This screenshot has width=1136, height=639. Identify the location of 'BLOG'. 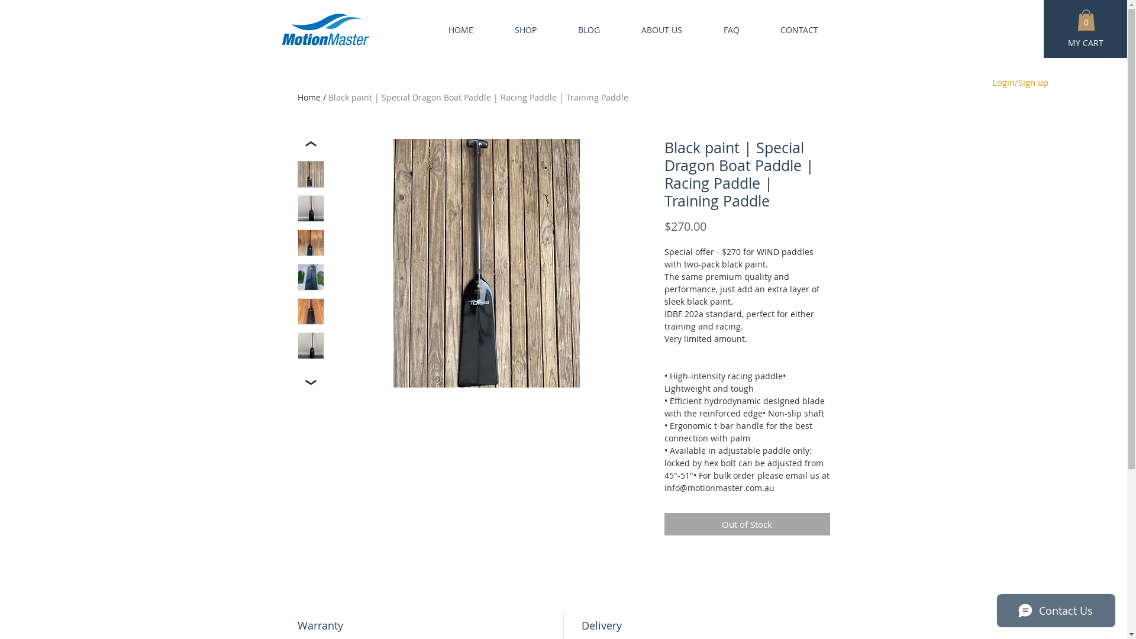
(577, 29).